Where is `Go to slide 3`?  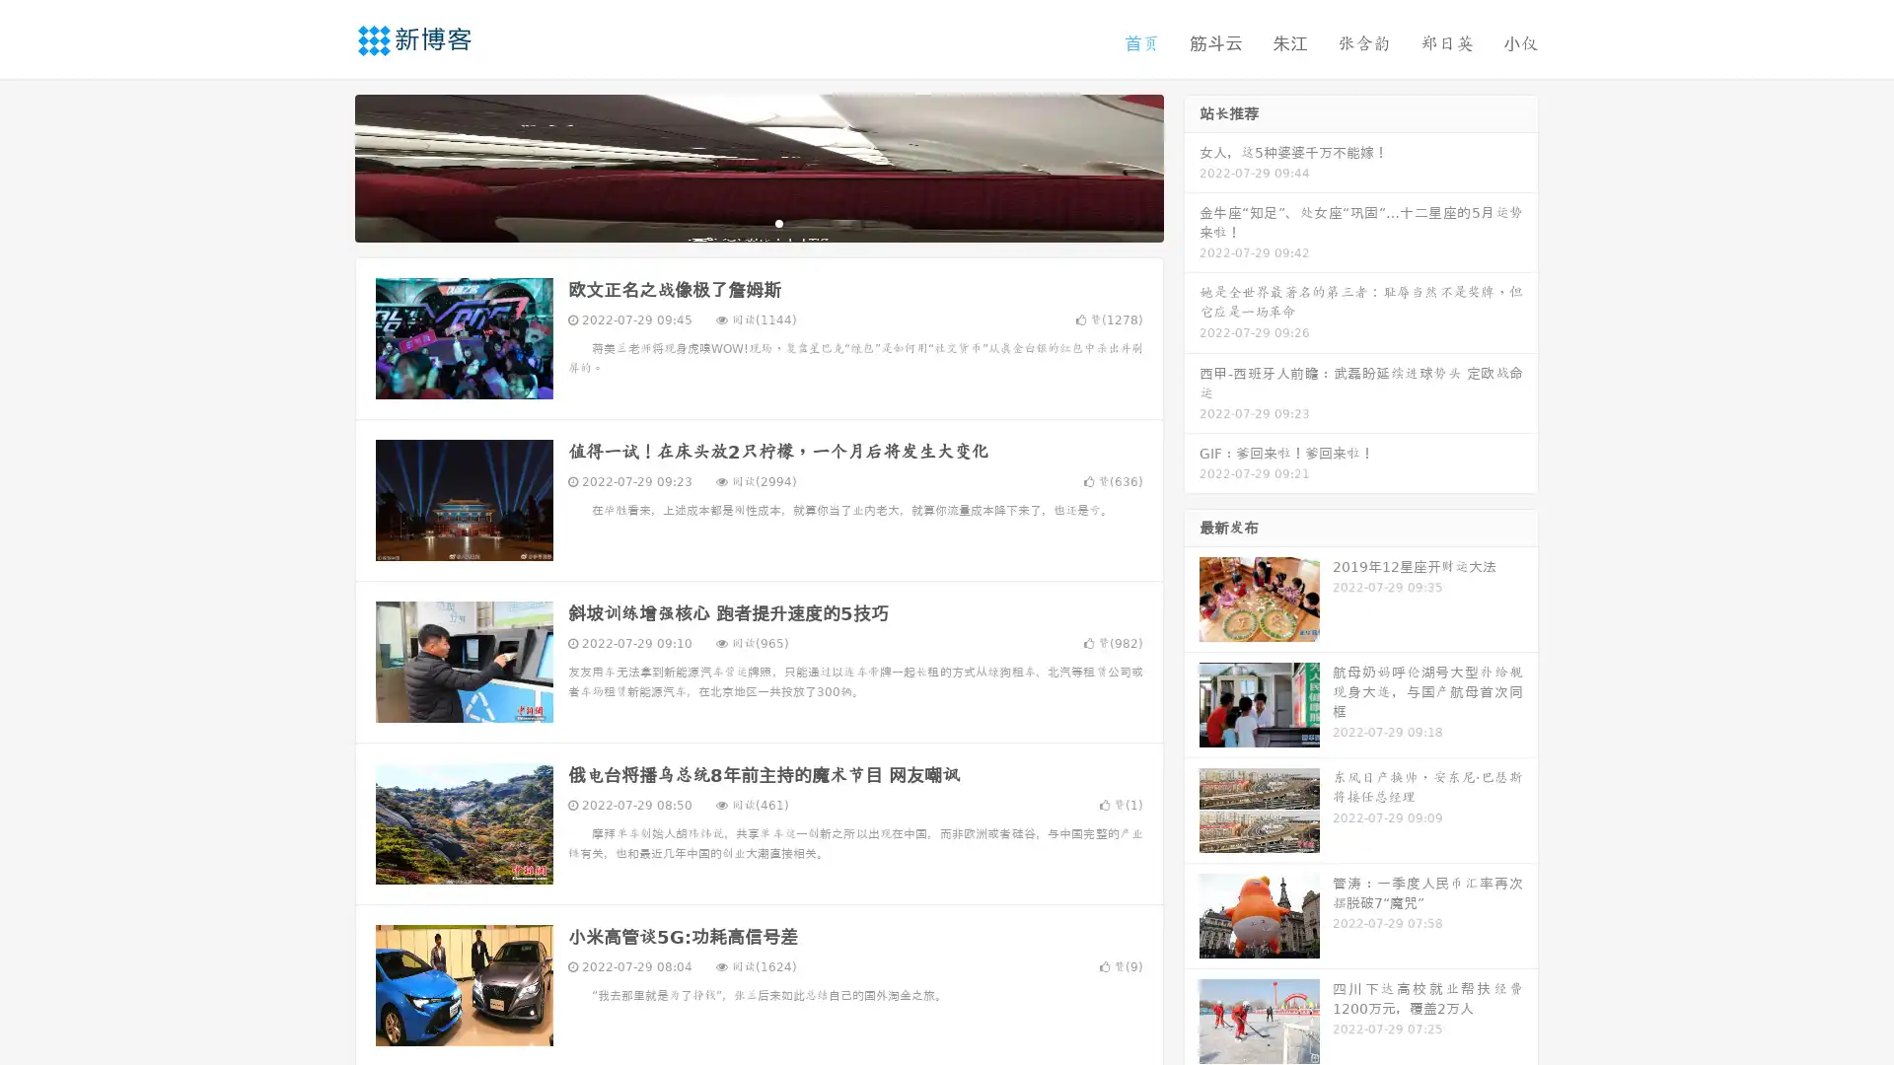
Go to slide 3 is located at coordinates (778, 222).